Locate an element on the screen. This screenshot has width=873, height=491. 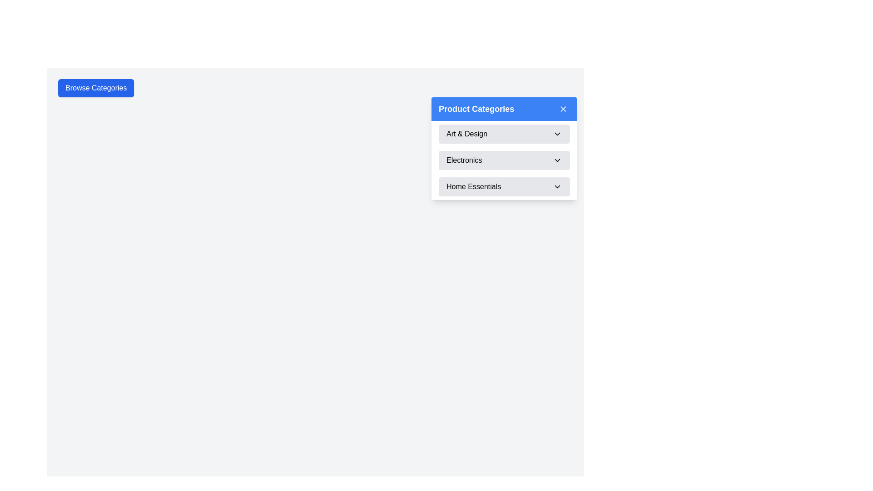
the chevron icon at the far right of the 'Art & Design' option in the 'Product Categories' dropdown menu is located at coordinates (557, 134).